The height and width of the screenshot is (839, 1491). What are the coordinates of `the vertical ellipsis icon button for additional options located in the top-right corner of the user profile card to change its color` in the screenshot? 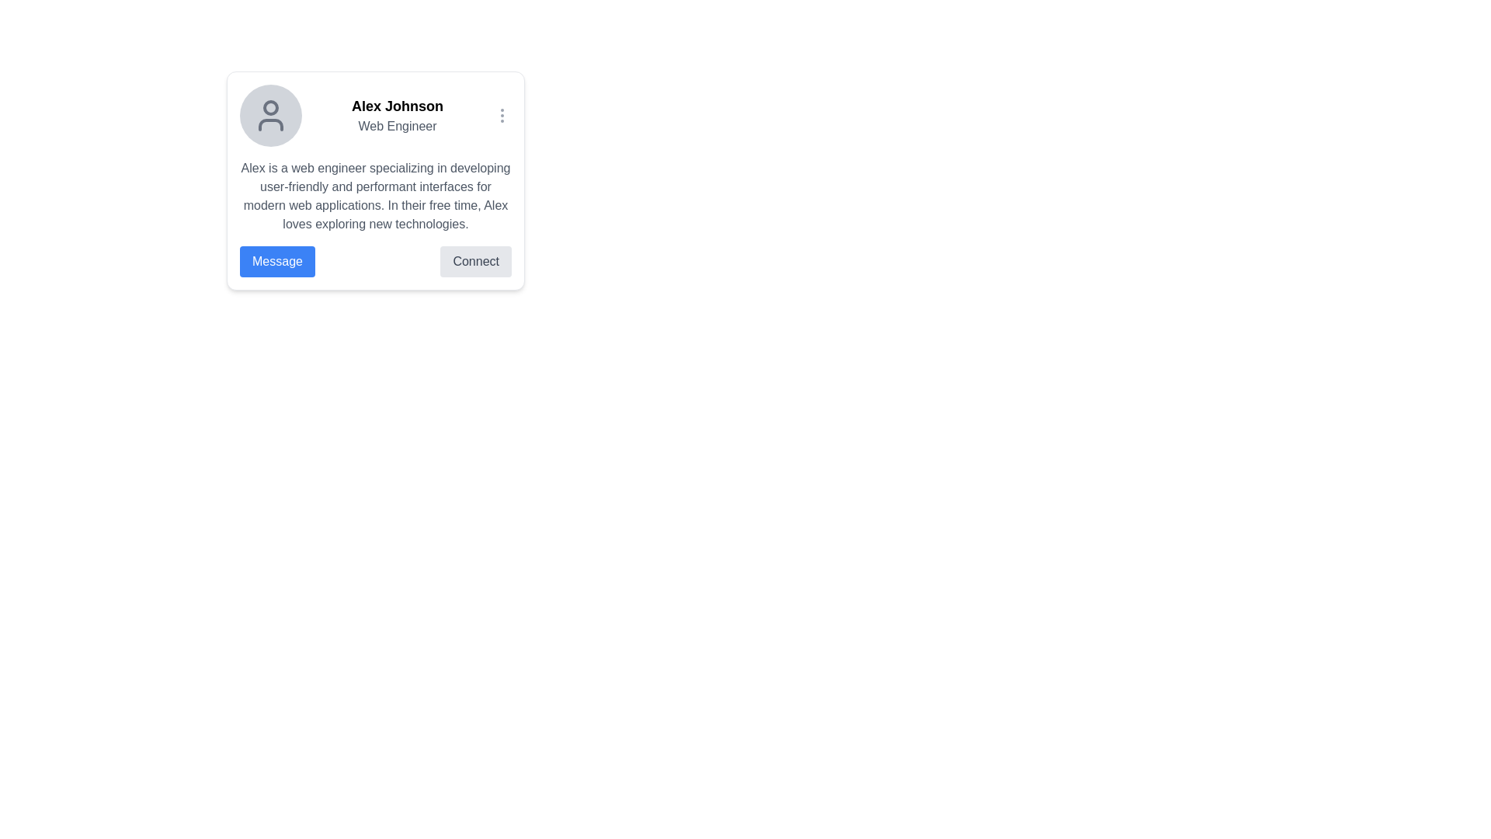 It's located at (502, 115).